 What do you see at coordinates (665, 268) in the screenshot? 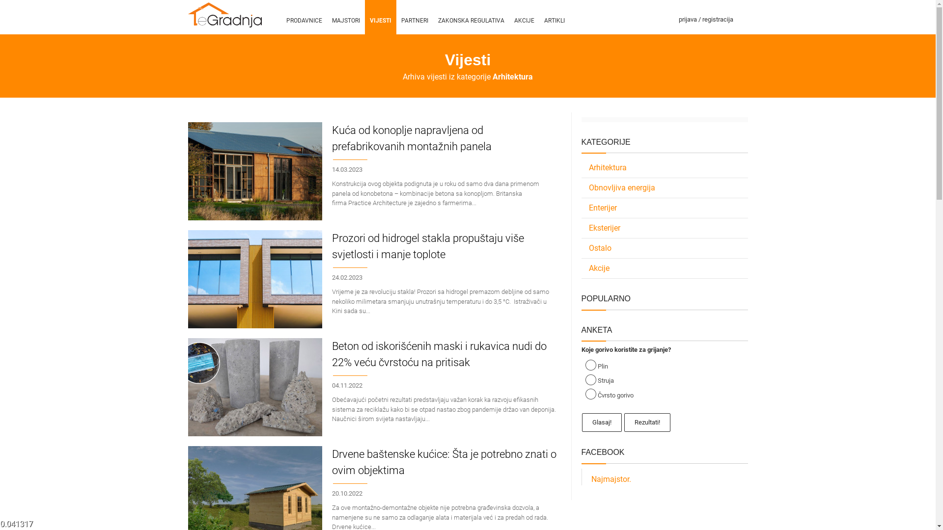
I see `'Akcije'` at bounding box center [665, 268].